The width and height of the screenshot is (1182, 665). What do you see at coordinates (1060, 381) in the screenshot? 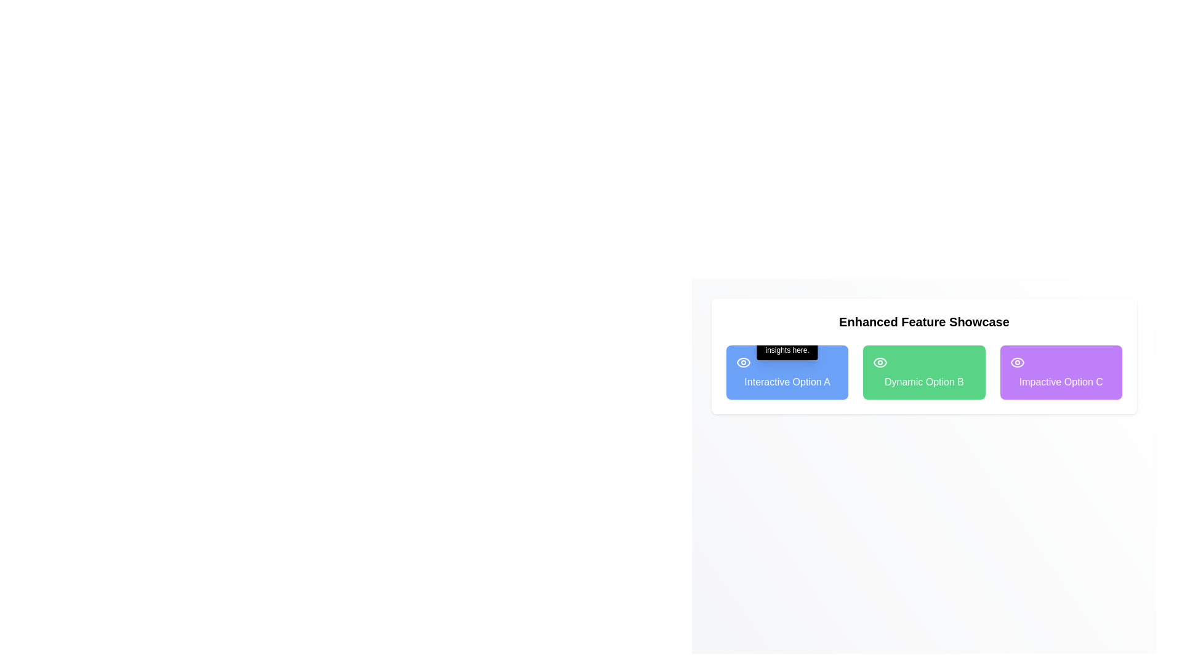
I see `the informational Text label that identifies the third option in the selection interface, located next to the button labeled 'Dynamic Option B'` at bounding box center [1060, 381].